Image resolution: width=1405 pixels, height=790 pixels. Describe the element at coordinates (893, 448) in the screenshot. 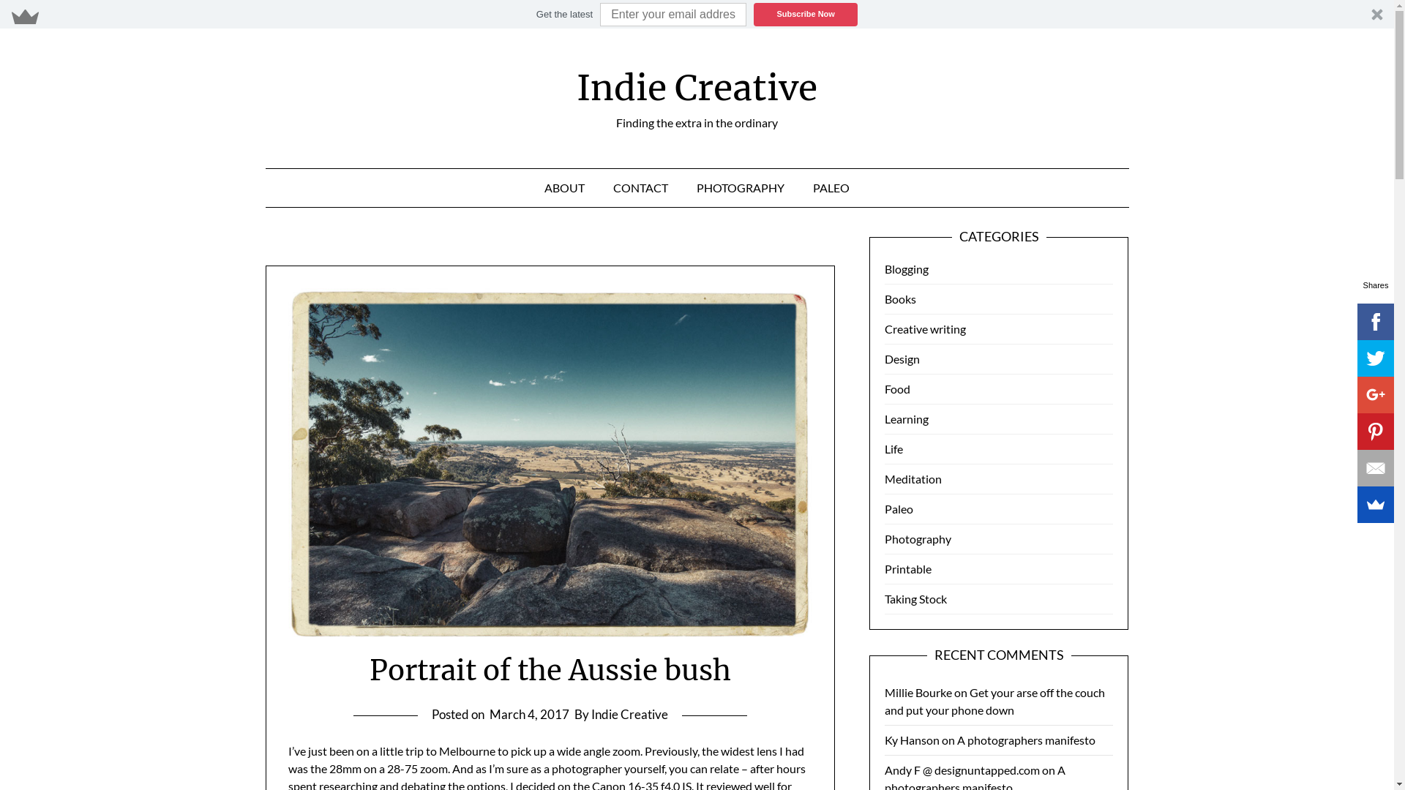

I see `'Life'` at that location.